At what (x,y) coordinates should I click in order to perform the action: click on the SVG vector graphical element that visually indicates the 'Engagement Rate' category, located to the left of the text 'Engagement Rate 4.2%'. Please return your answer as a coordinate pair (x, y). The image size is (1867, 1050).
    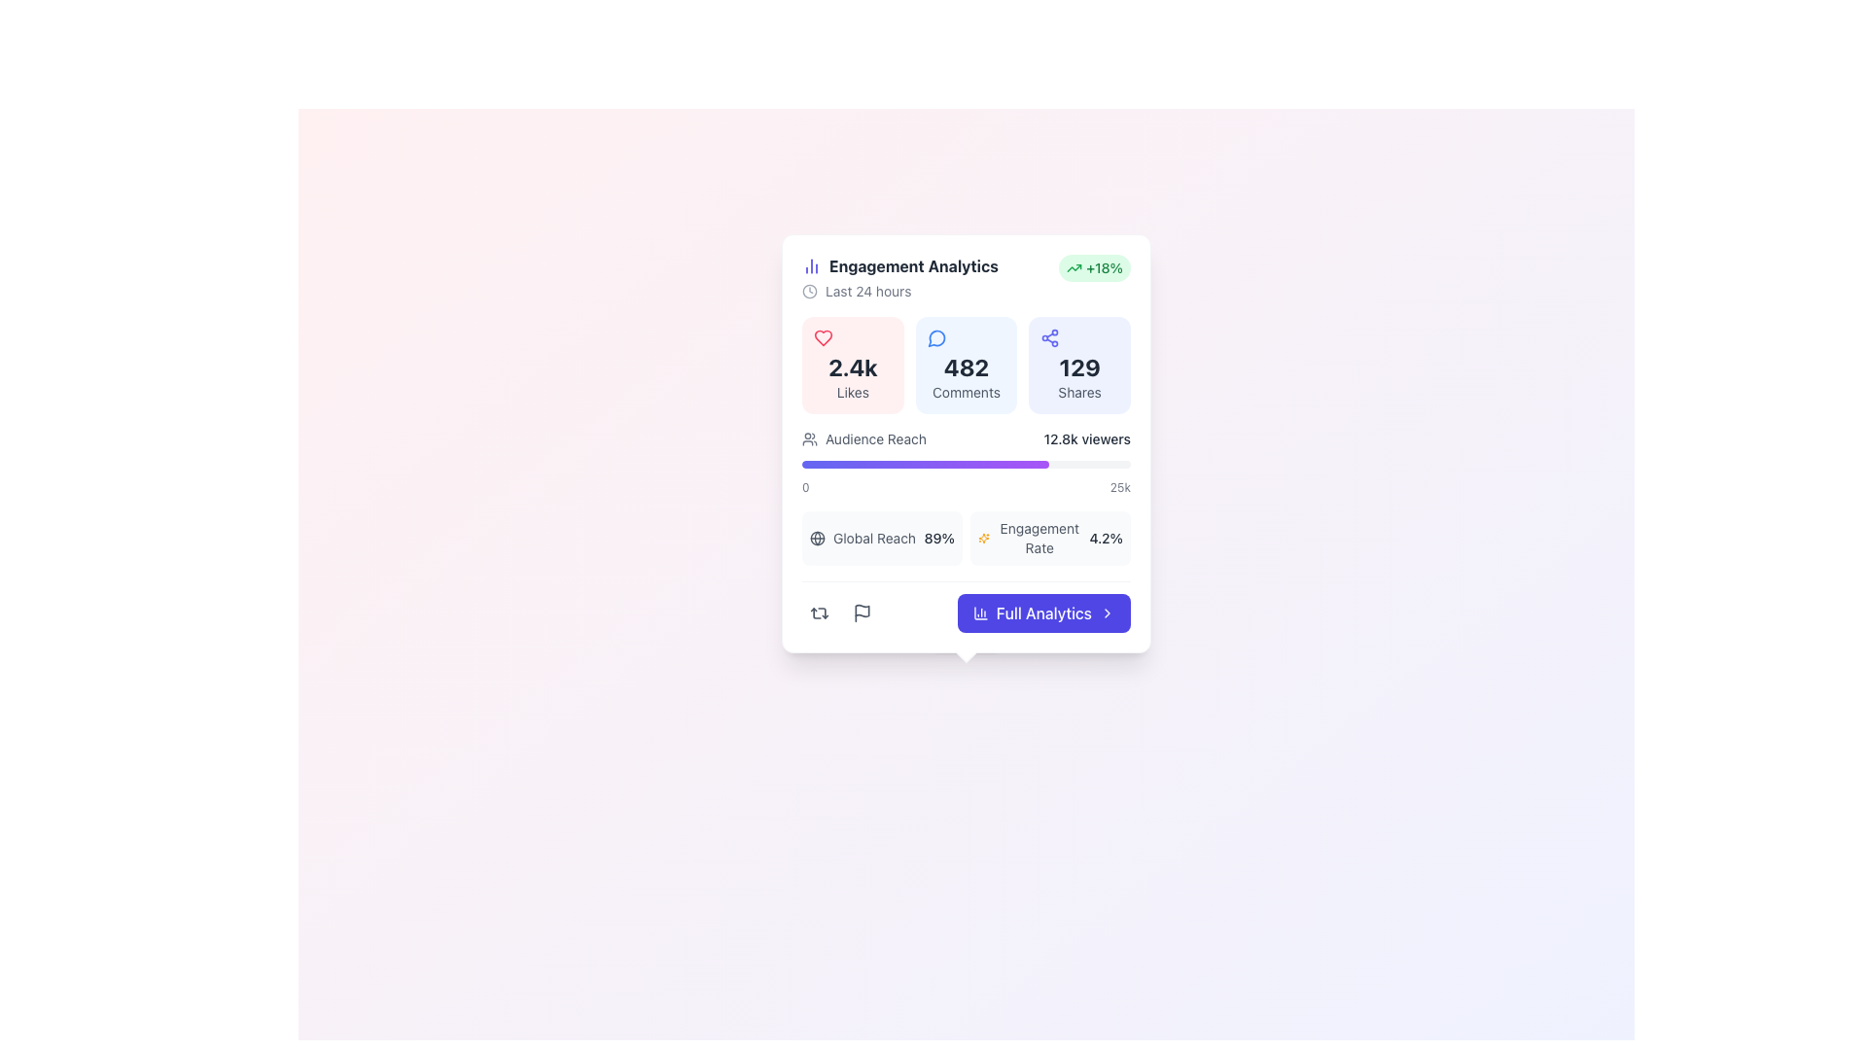
    Looking at the image, I should click on (984, 539).